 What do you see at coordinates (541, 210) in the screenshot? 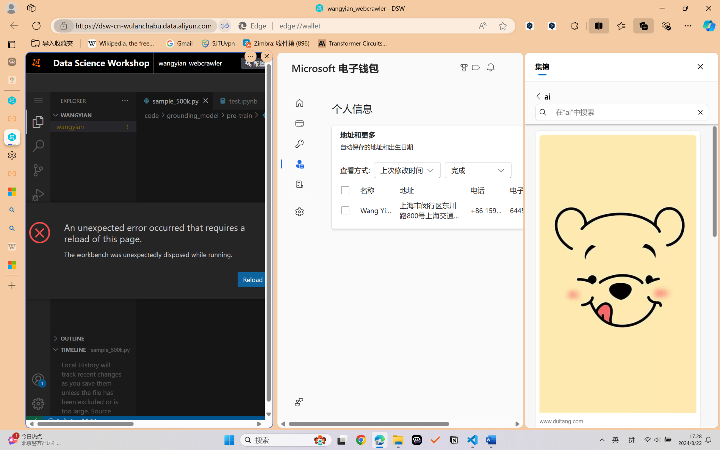
I see `'644553698@qq.com'` at bounding box center [541, 210].